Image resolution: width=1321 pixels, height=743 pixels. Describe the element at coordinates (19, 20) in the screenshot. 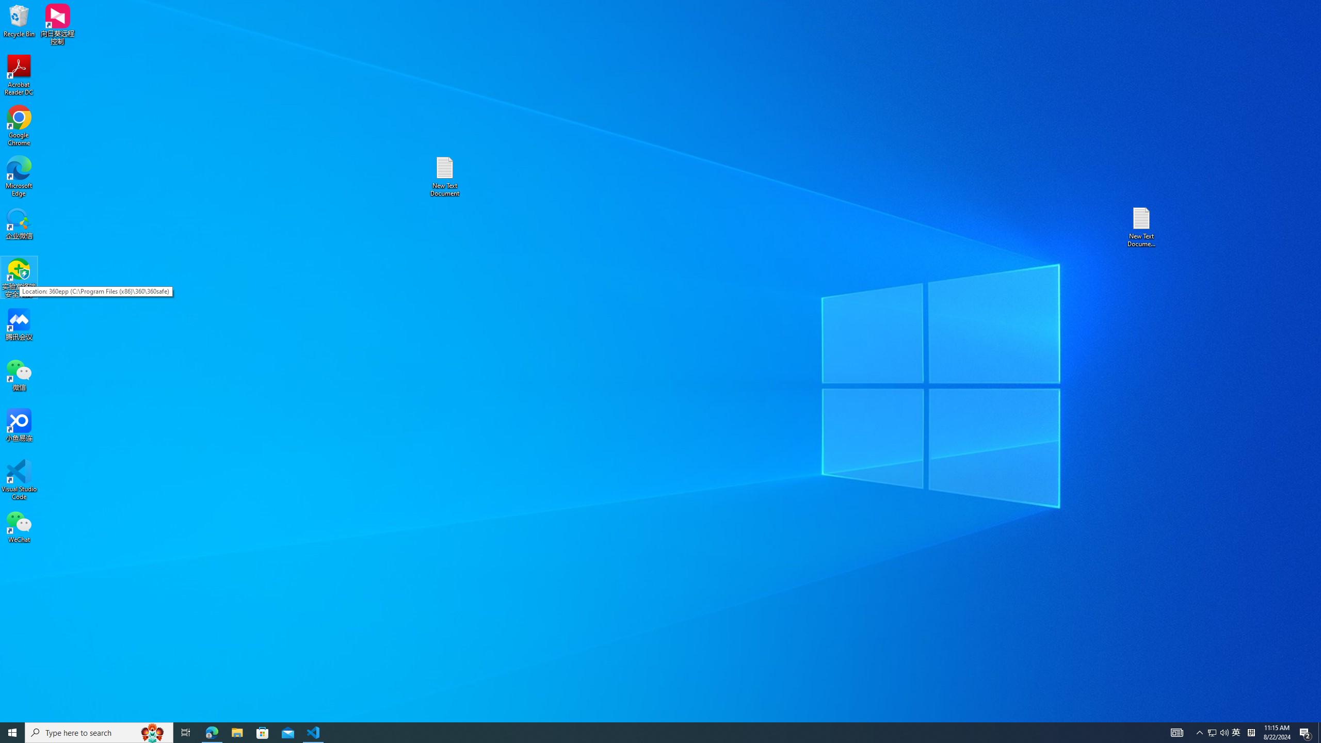

I see `'Recycle Bin'` at that location.